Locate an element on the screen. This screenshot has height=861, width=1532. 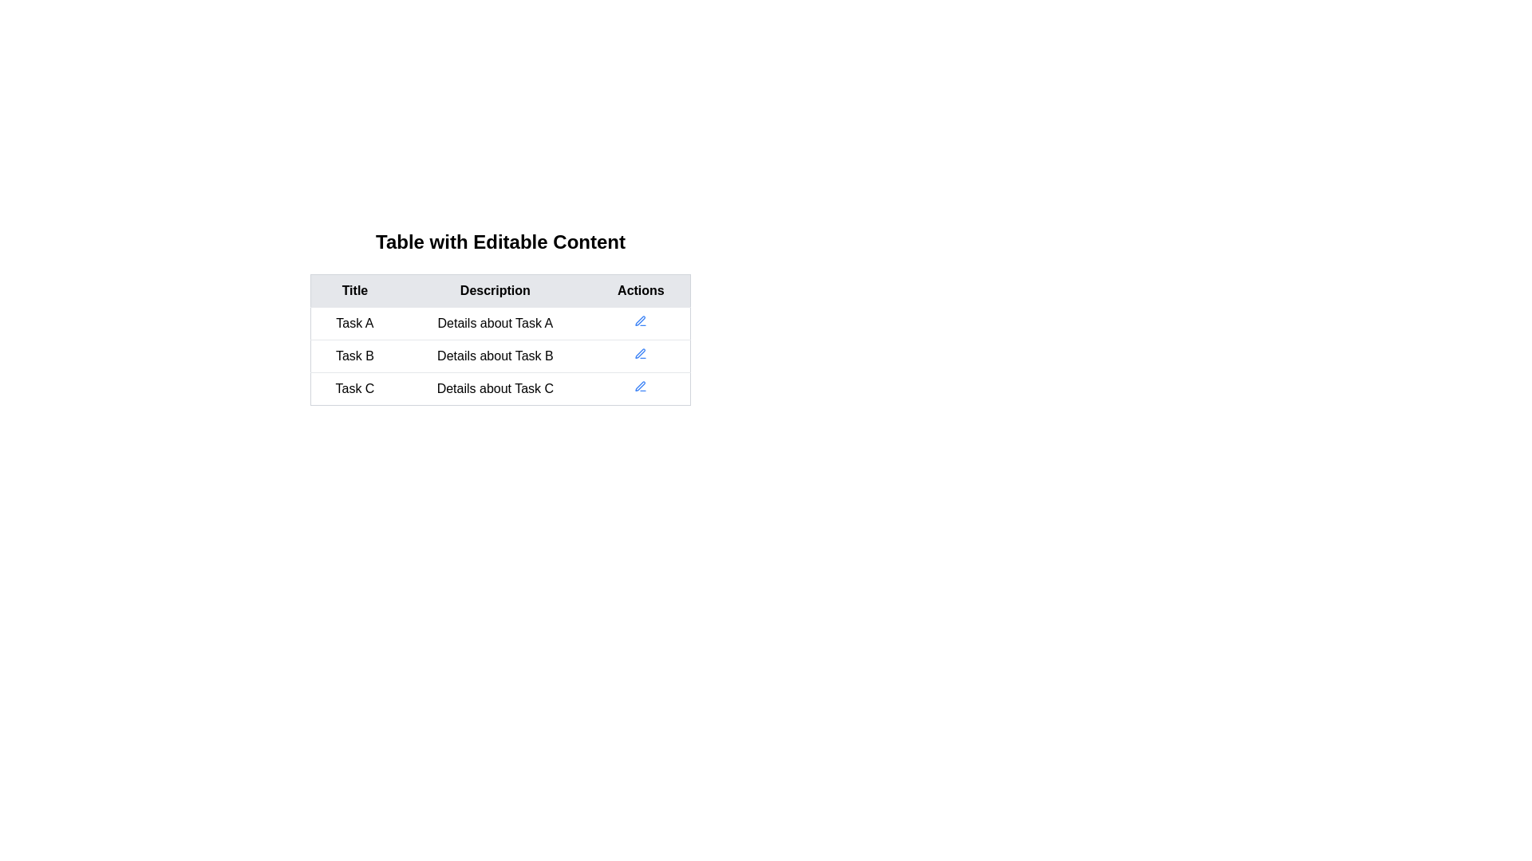
text of the label that displays 'Title', which is a bold black font on a light gray background located in the first column of the header row of the table is located at coordinates (353, 291).